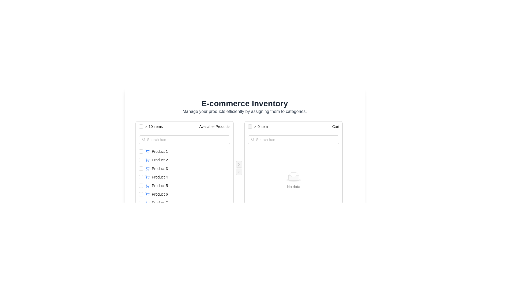 Image resolution: width=514 pixels, height=289 pixels. I want to click on small blue shopping cart icon located to the left of the 'Product 5' label in the Available Products section, which is the fifth entry from the top, so click(148, 185).